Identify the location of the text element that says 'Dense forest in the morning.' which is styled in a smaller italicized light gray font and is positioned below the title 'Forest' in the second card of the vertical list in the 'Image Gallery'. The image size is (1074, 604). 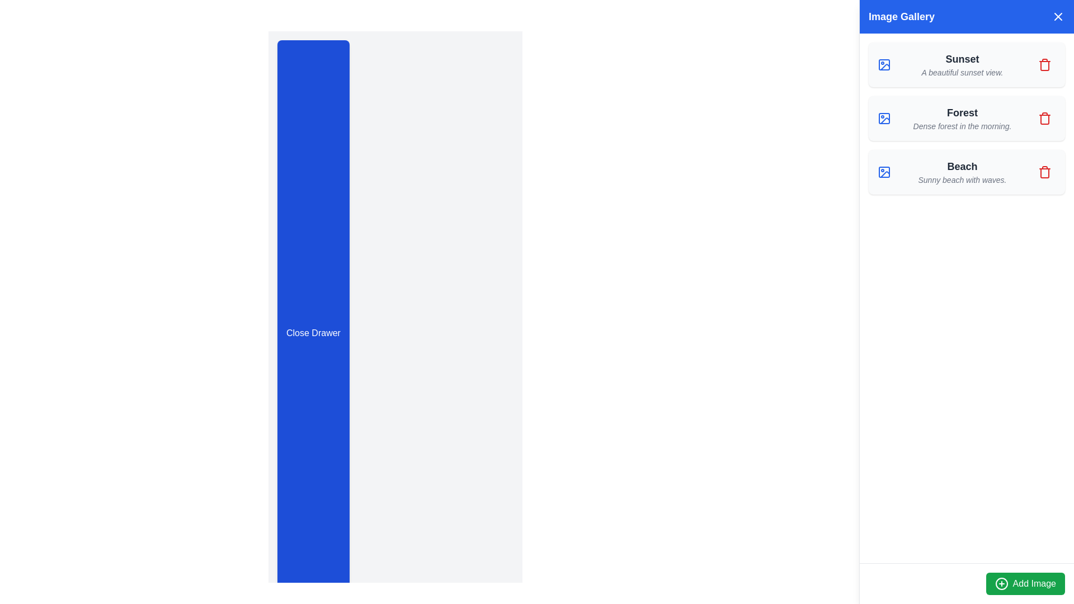
(962, 126).